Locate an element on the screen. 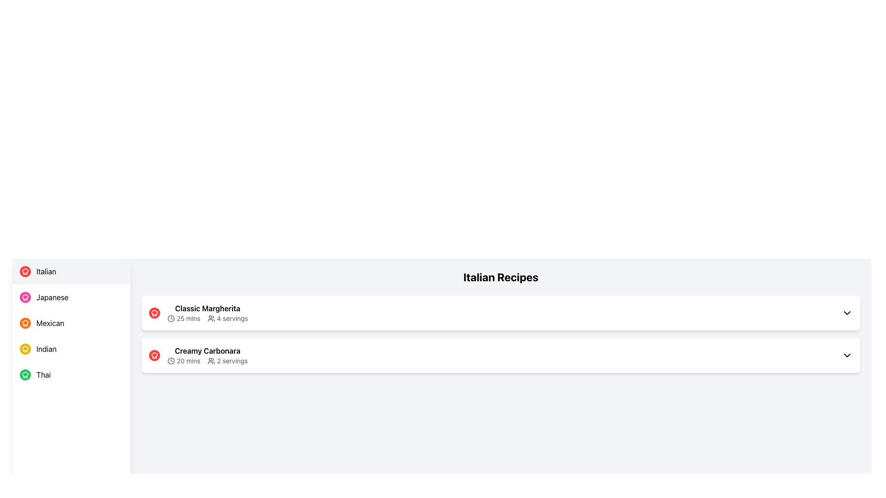  text label displaying '20 mins' located under the 'Creamy Carbonara' item in the 'Italian Recipes' section, positioned on the second row, left side, before the servings text is located at coordinates (184, 361).